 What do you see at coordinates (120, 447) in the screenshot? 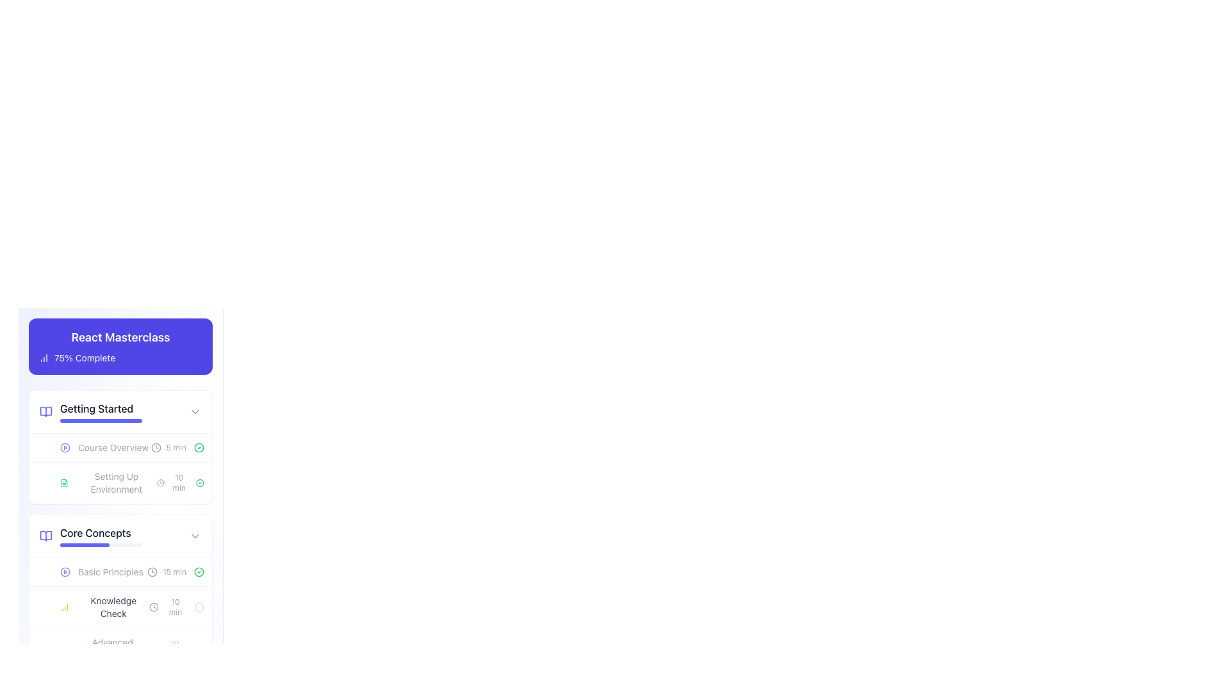
I see `the first list item under 'Getting Started' that shows the course overview with a blue play-circle icon and a gray clock icon` at bounding box center [120, 447].